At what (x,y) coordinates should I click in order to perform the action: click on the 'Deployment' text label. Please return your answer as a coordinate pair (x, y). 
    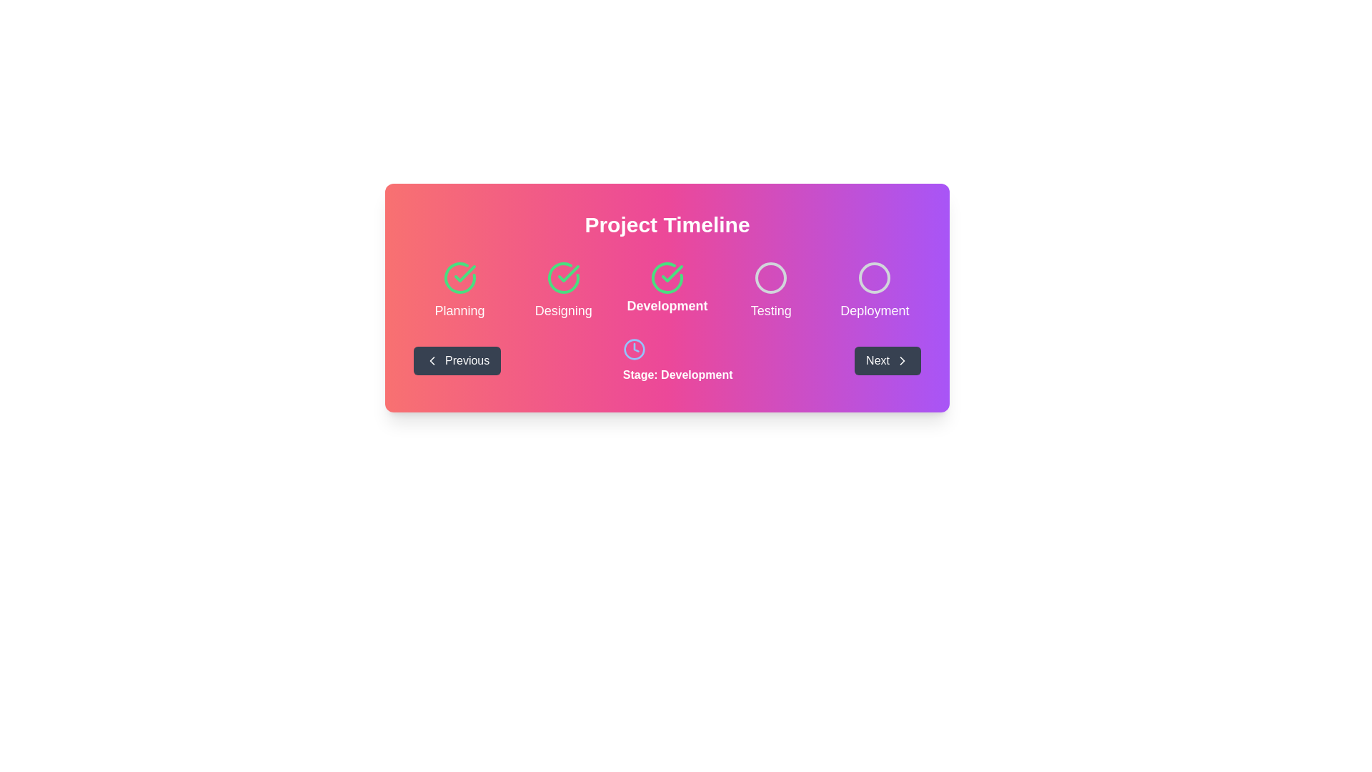
    Looking at the image, I should click on (874, 310).